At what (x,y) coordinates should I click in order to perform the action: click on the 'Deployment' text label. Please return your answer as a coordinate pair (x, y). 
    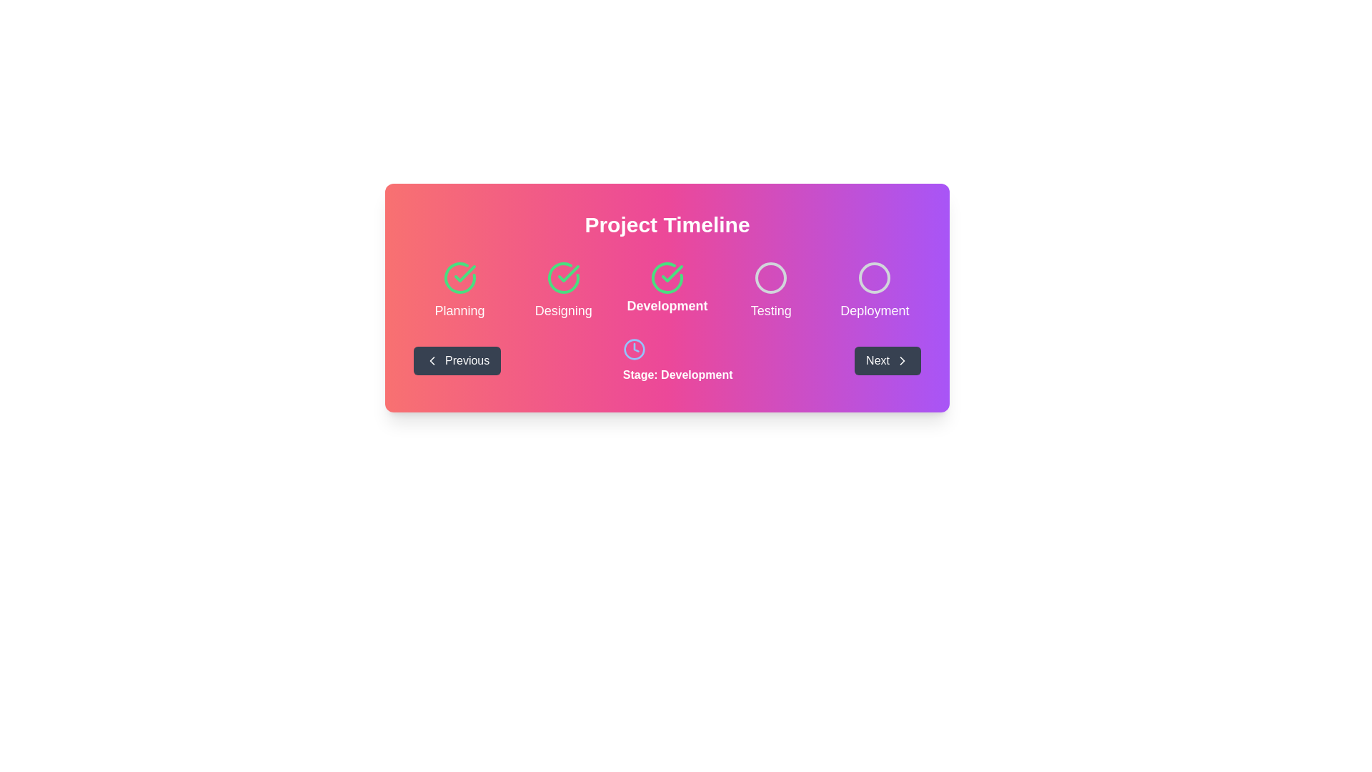
    Looking at the image, I should click on (874, 310).